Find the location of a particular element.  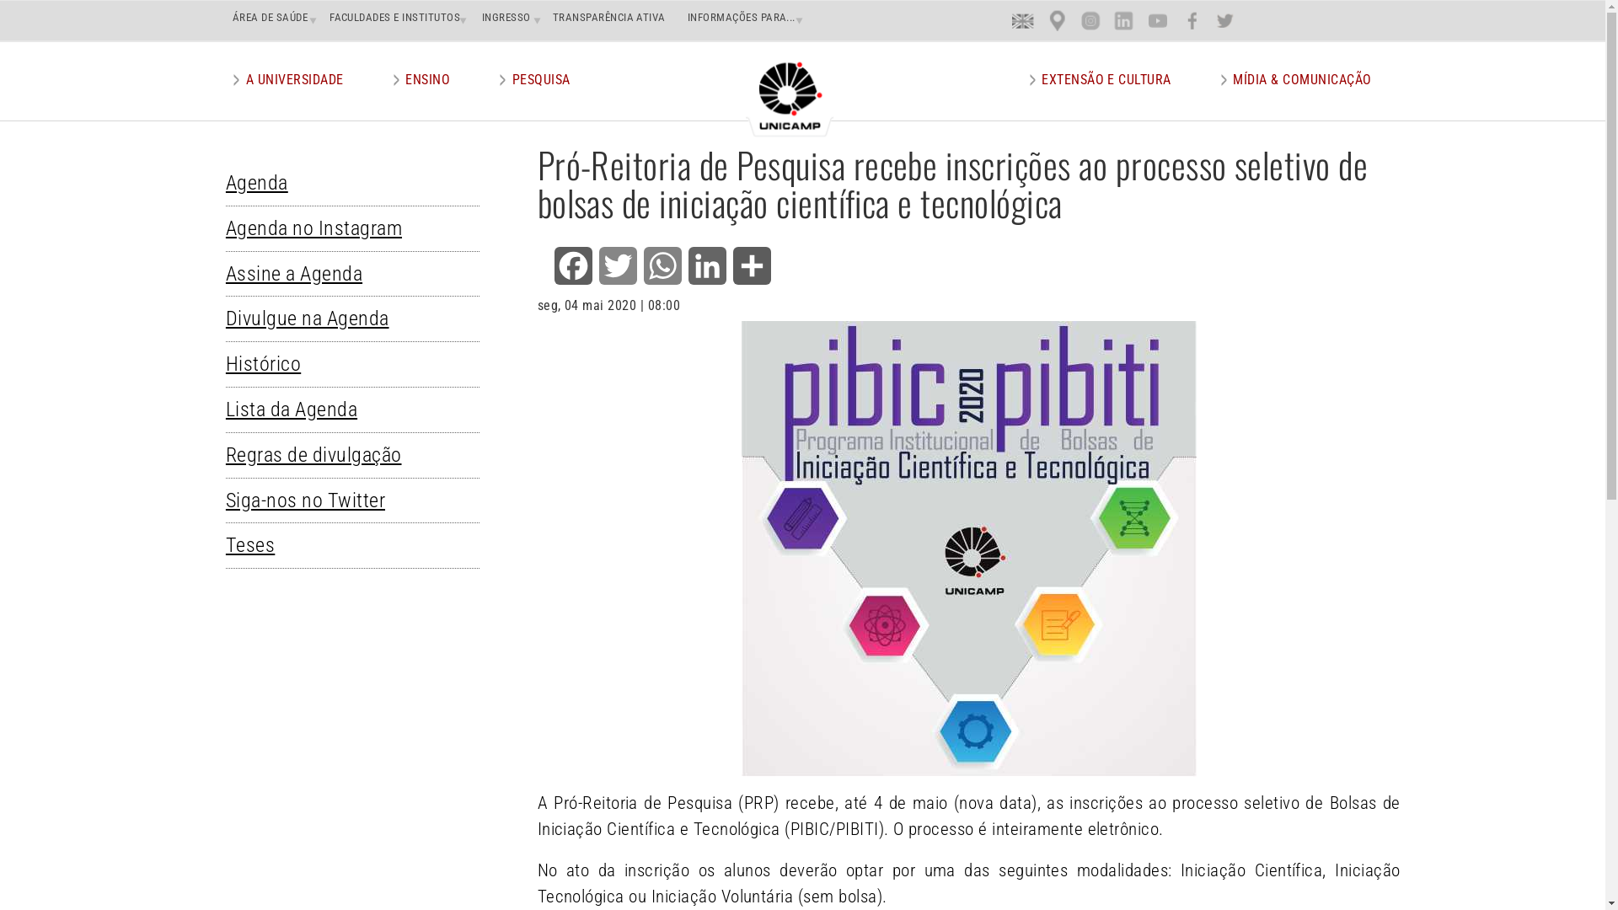

'WhatsApp' is located at coordinates (662, 265).